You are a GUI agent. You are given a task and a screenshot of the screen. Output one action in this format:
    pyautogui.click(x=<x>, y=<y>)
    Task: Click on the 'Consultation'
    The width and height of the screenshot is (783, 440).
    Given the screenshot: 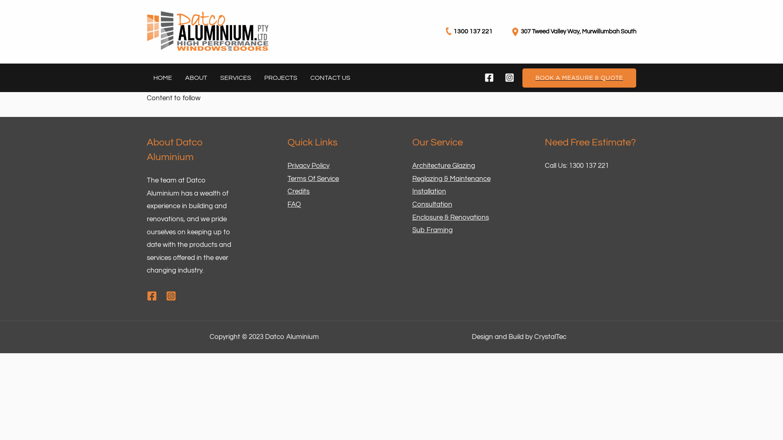 What is the action you would take?
    pyautogui.click(x=431, y=204)
    